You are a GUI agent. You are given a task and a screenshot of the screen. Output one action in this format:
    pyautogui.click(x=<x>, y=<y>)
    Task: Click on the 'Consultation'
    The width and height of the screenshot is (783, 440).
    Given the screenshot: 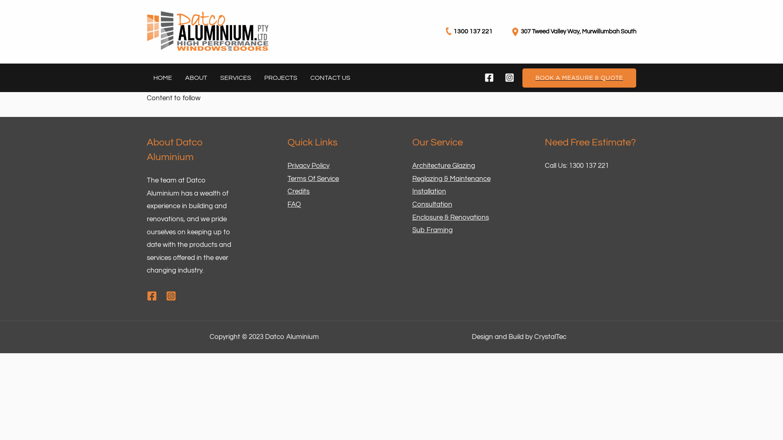 What is the action you would take?
    pyautogui.click(x=431, y=204)
    